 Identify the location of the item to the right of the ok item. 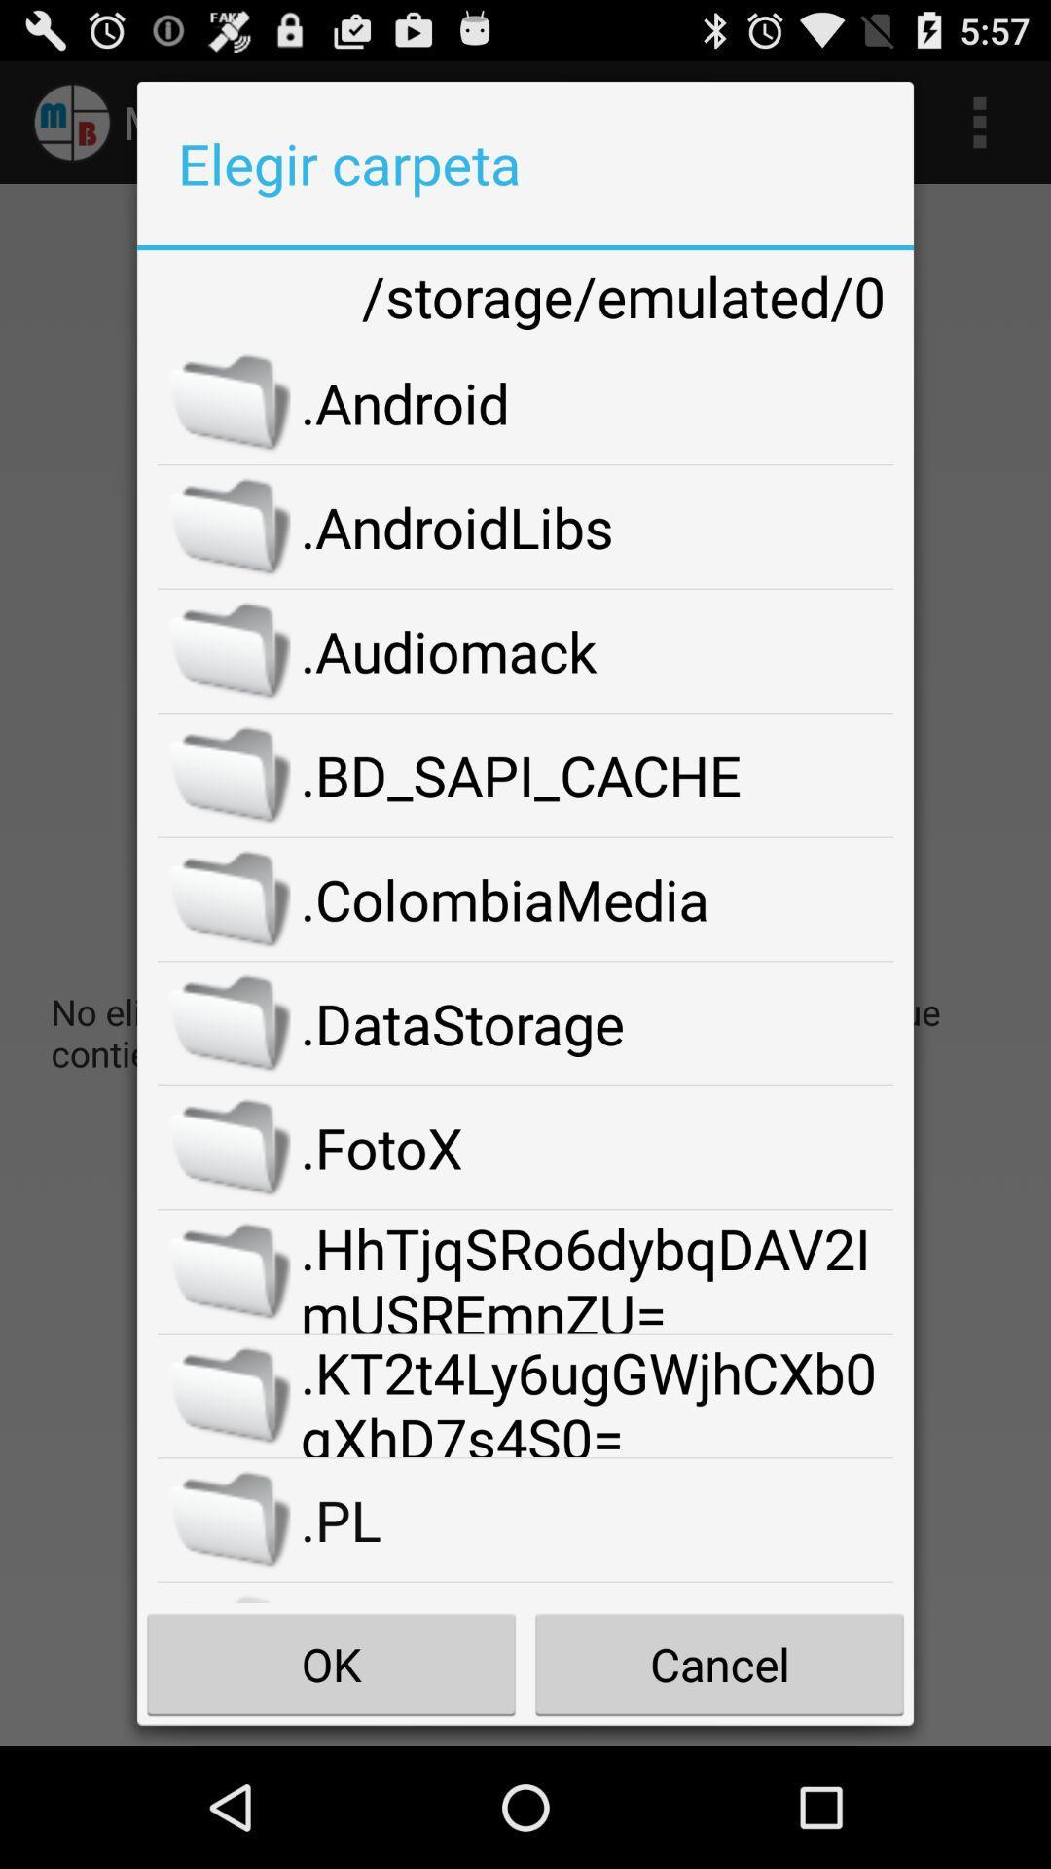
(719, 1663).